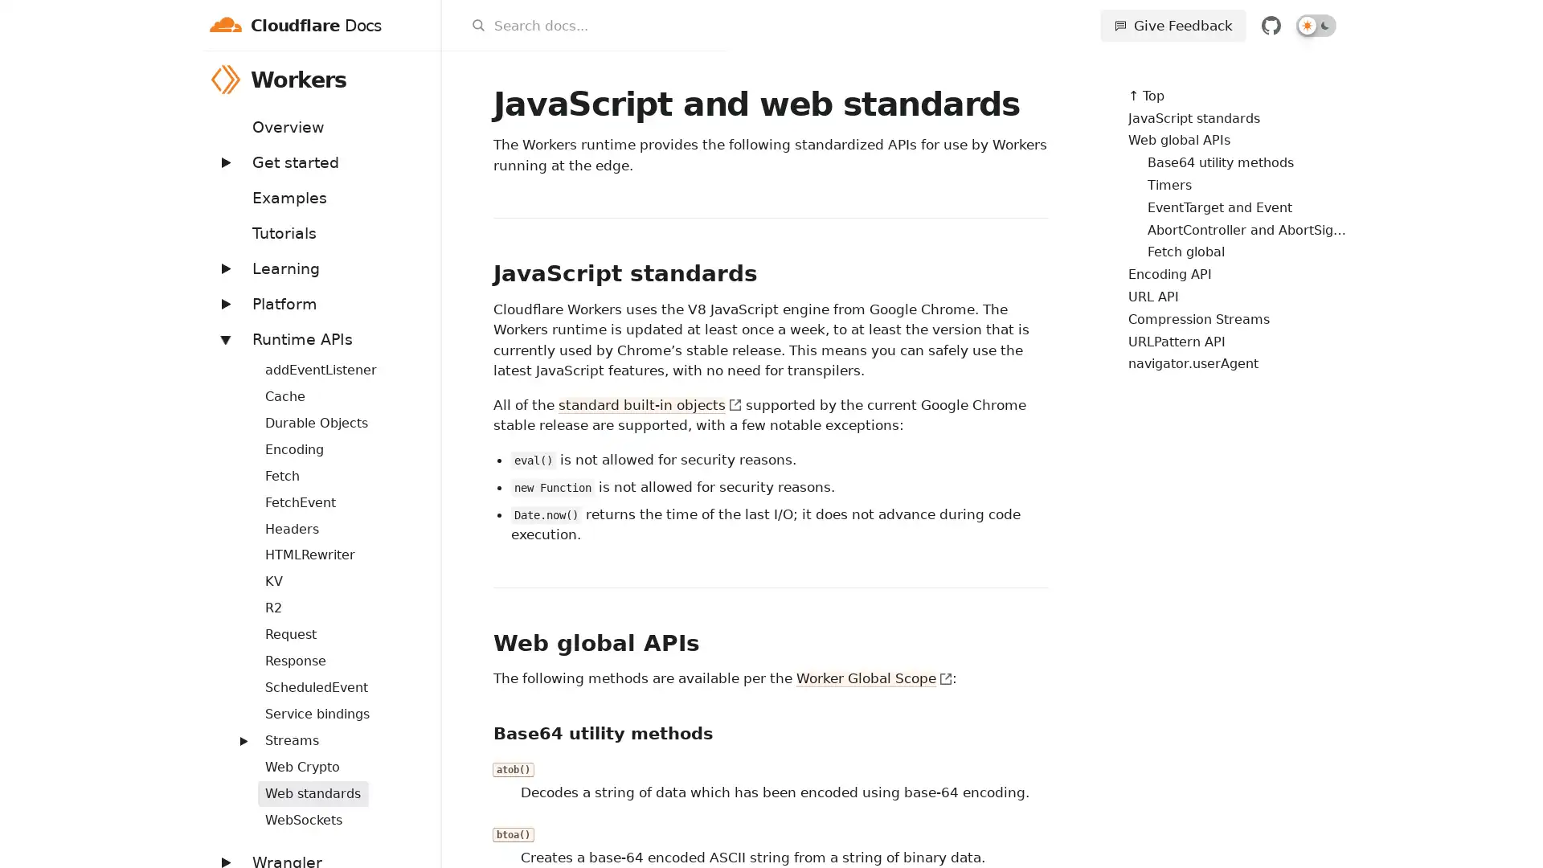 This screenshot has height=868, width=1543. Describe the element at coordinates (223, 267) in the screenshot. I see `Expand: Learning` at that location.